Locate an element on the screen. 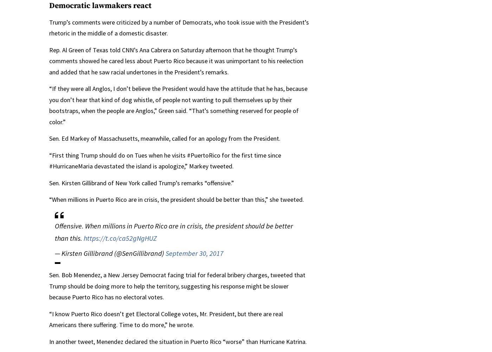 This screenshot has width=492, height=352. 'Sen. Bob Menendez, a New Jersey Democrat facing trial for federal bribery charges, tweeted that Trump should be doing more to help the territory, suggesting his response might be slower because Puerto Rico has no electoral votes.' is located at coordinates (177, 286).